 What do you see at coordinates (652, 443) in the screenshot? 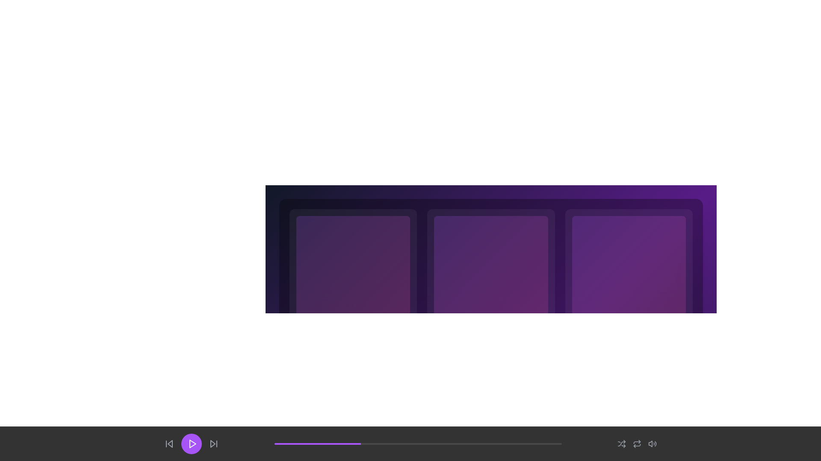
I see `the circular speaker icon button with sound waves at the far right end of the bottom control panel` at bounding box center [652, 443].